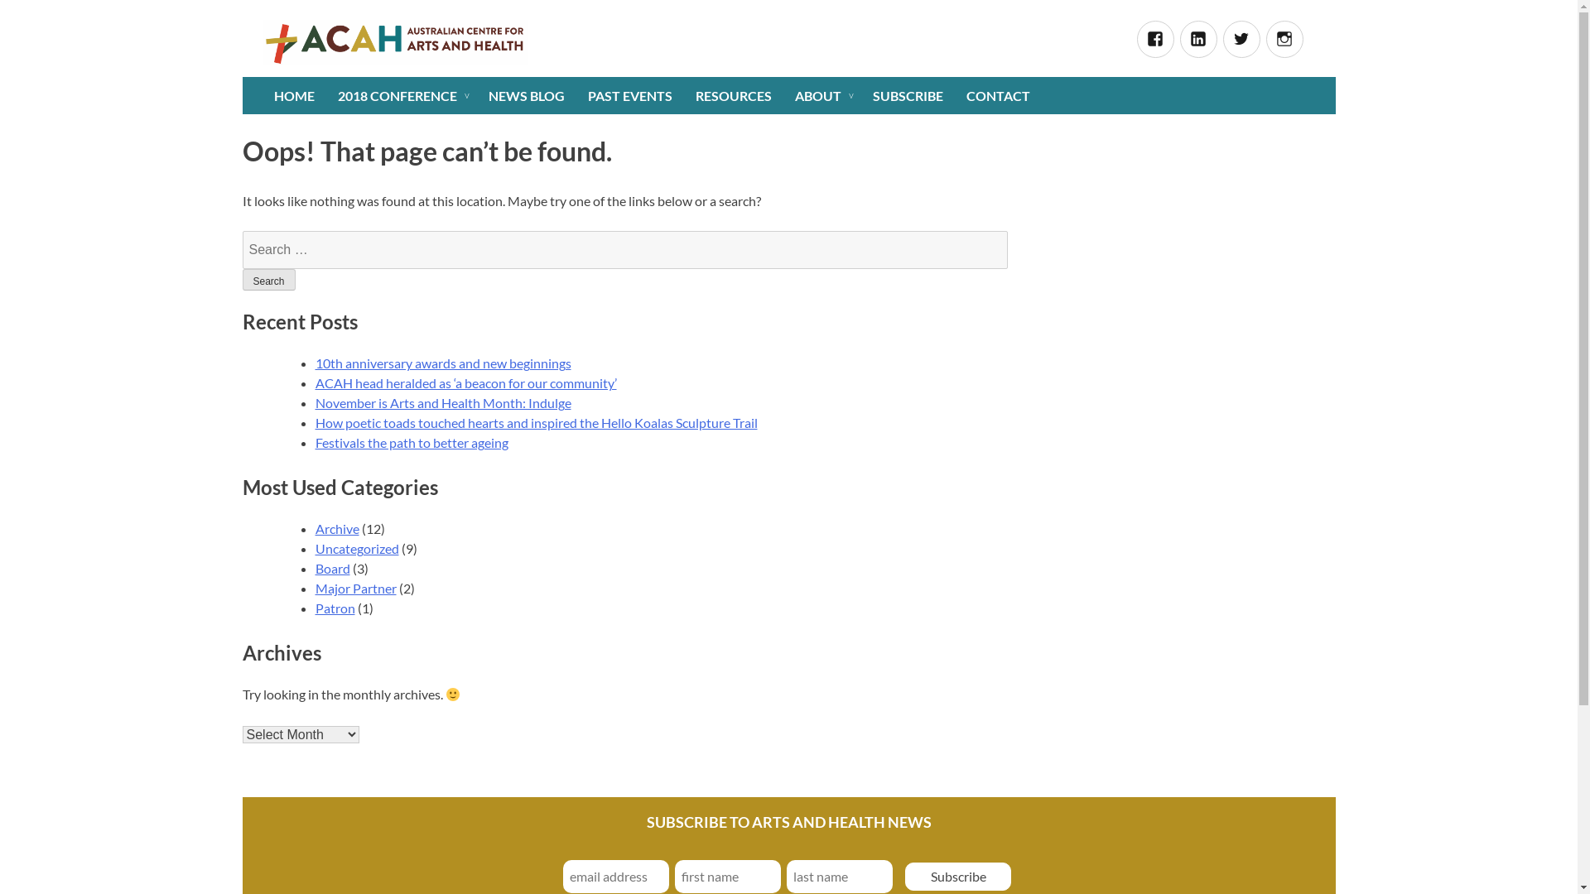  What do you see at coordinates (861, 95) in the screenshot?
I see `'SUBSCRIBE'` at bounding box center [861, 95].